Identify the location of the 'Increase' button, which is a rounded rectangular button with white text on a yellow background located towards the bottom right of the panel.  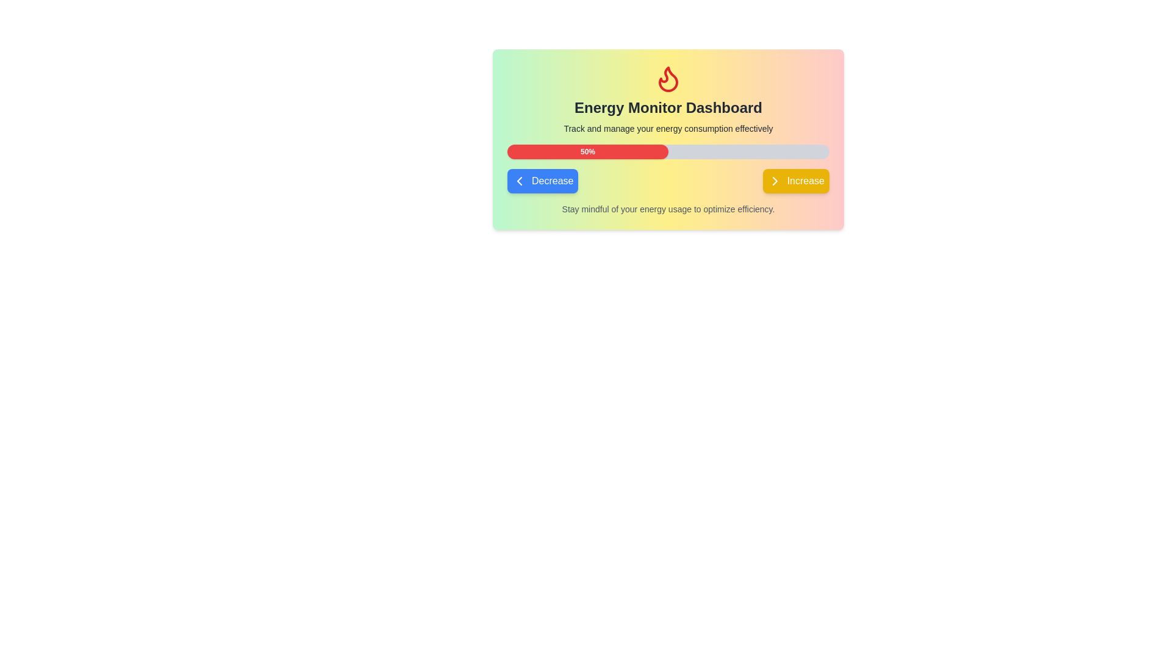
(805, 181).